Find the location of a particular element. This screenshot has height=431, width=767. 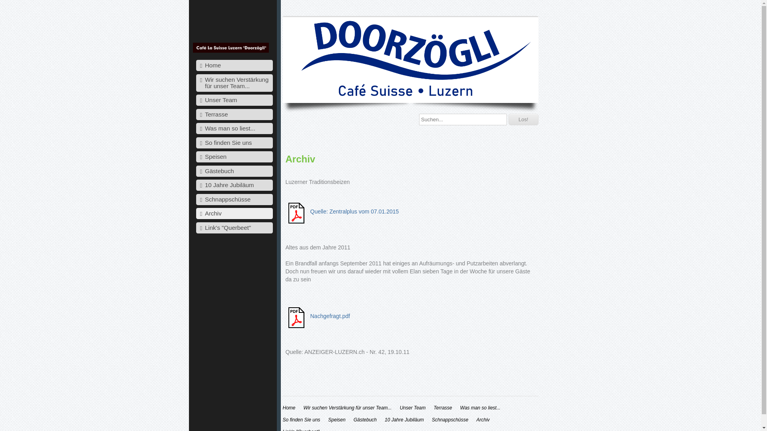

'Los!' is located at coordinates (523, 119).